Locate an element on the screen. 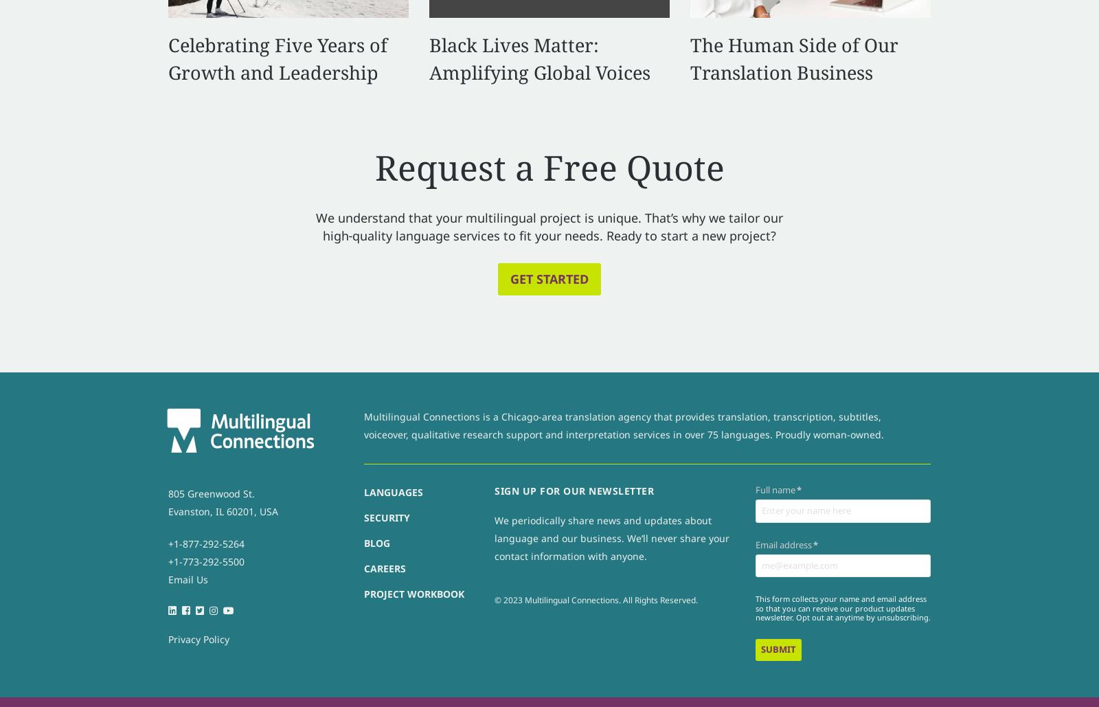  'Careers' is located at coordinates (384, 568).